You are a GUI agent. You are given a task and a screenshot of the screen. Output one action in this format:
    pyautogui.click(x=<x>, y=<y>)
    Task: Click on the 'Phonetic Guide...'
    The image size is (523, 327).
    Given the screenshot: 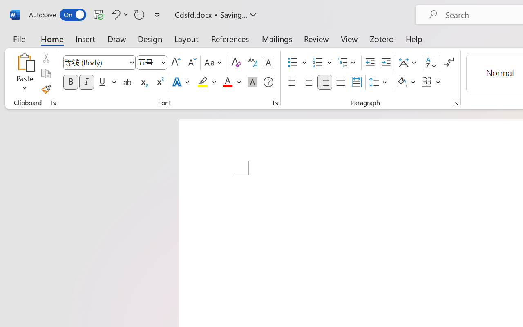 What is the action you would take?
    pyautogui.click(x=252, y=63)
    